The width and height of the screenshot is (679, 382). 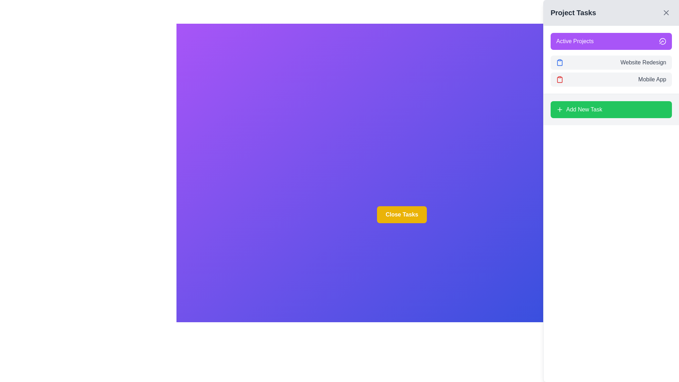 What do you see at coordinates (666, 12) in the screenshot?
I see `the gray stylized cross icon located at the top-right corner of the 'Project Tasks' sidebar panel to observe the hover effects` at bounding box center [666, 12].